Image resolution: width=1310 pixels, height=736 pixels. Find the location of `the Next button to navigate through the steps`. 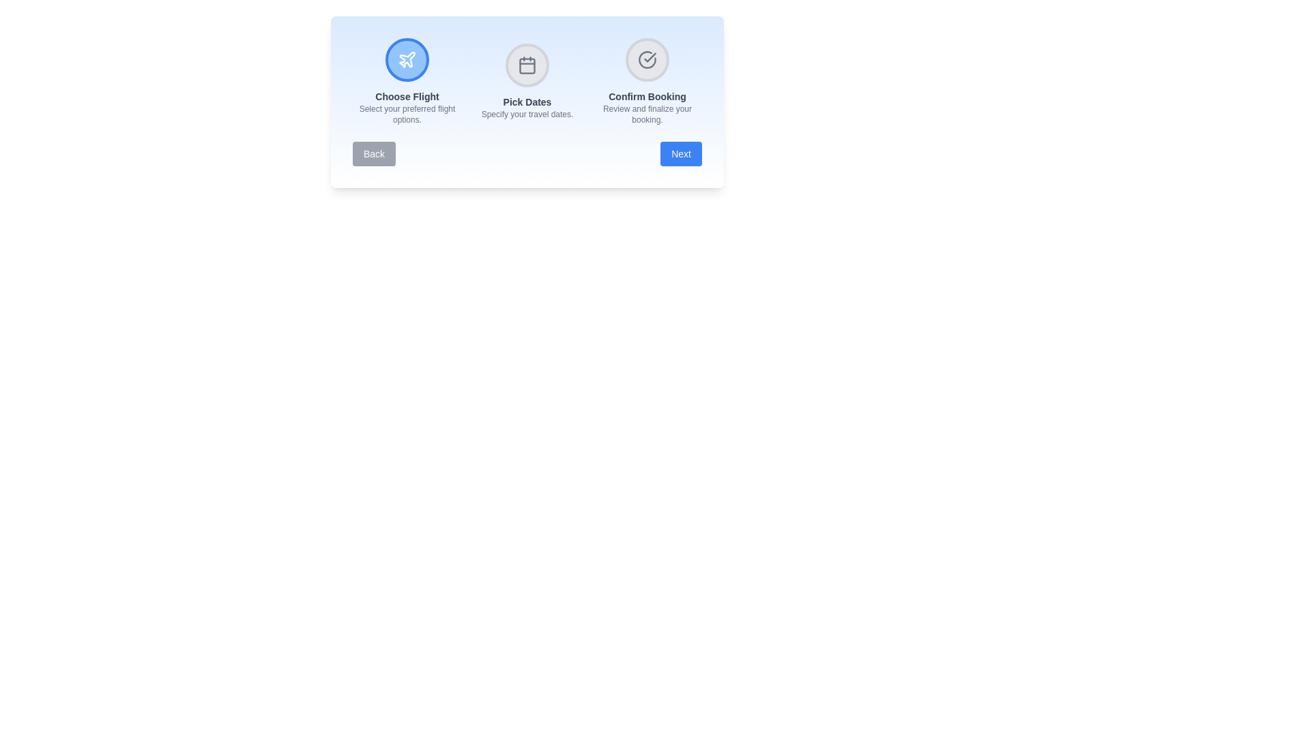

the Next button to navigate through the steps is located at coordinates (681, 153).